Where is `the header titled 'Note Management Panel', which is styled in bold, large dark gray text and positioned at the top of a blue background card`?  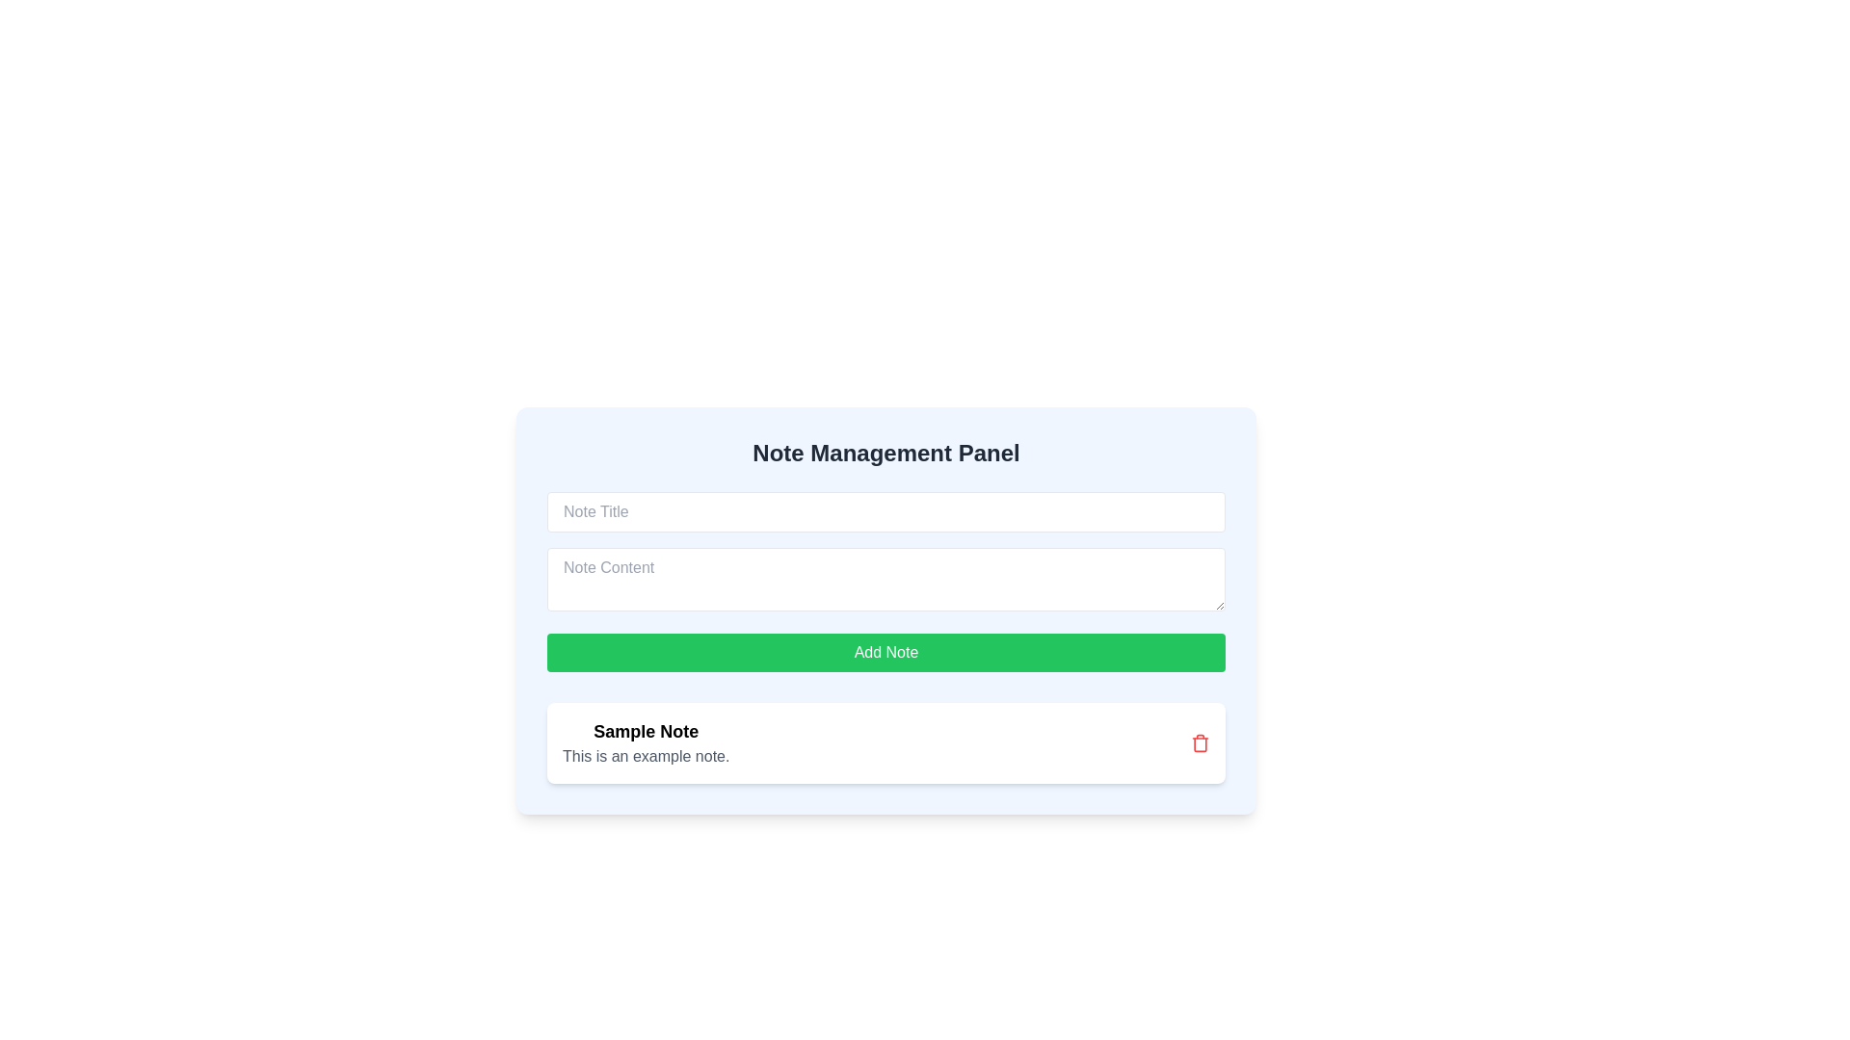 the header titled 'Note Management Panel', which is styled in bold, large dark gray text and positioned at the top of a blue background card is located at coordinates (885, 453).